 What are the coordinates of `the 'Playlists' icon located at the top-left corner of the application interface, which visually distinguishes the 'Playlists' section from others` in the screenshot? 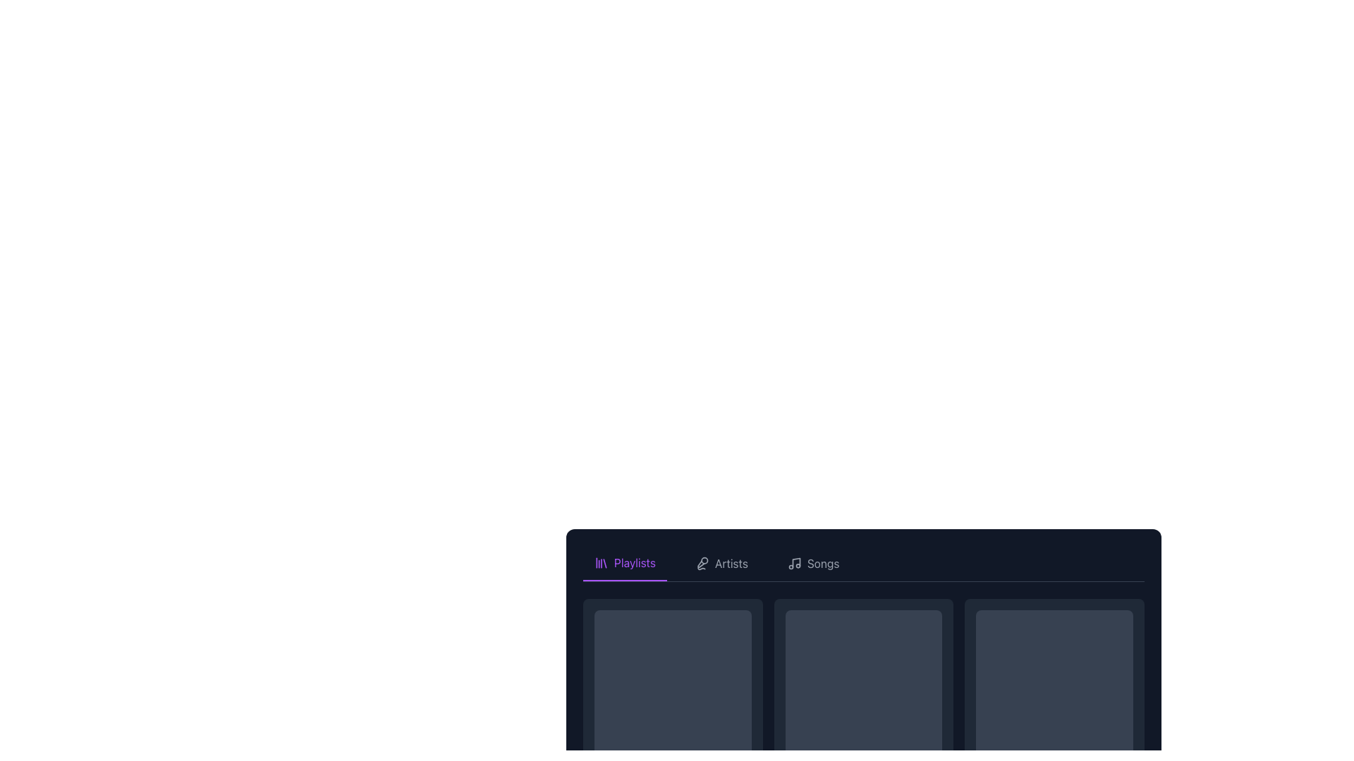 It's located at (602, 562).